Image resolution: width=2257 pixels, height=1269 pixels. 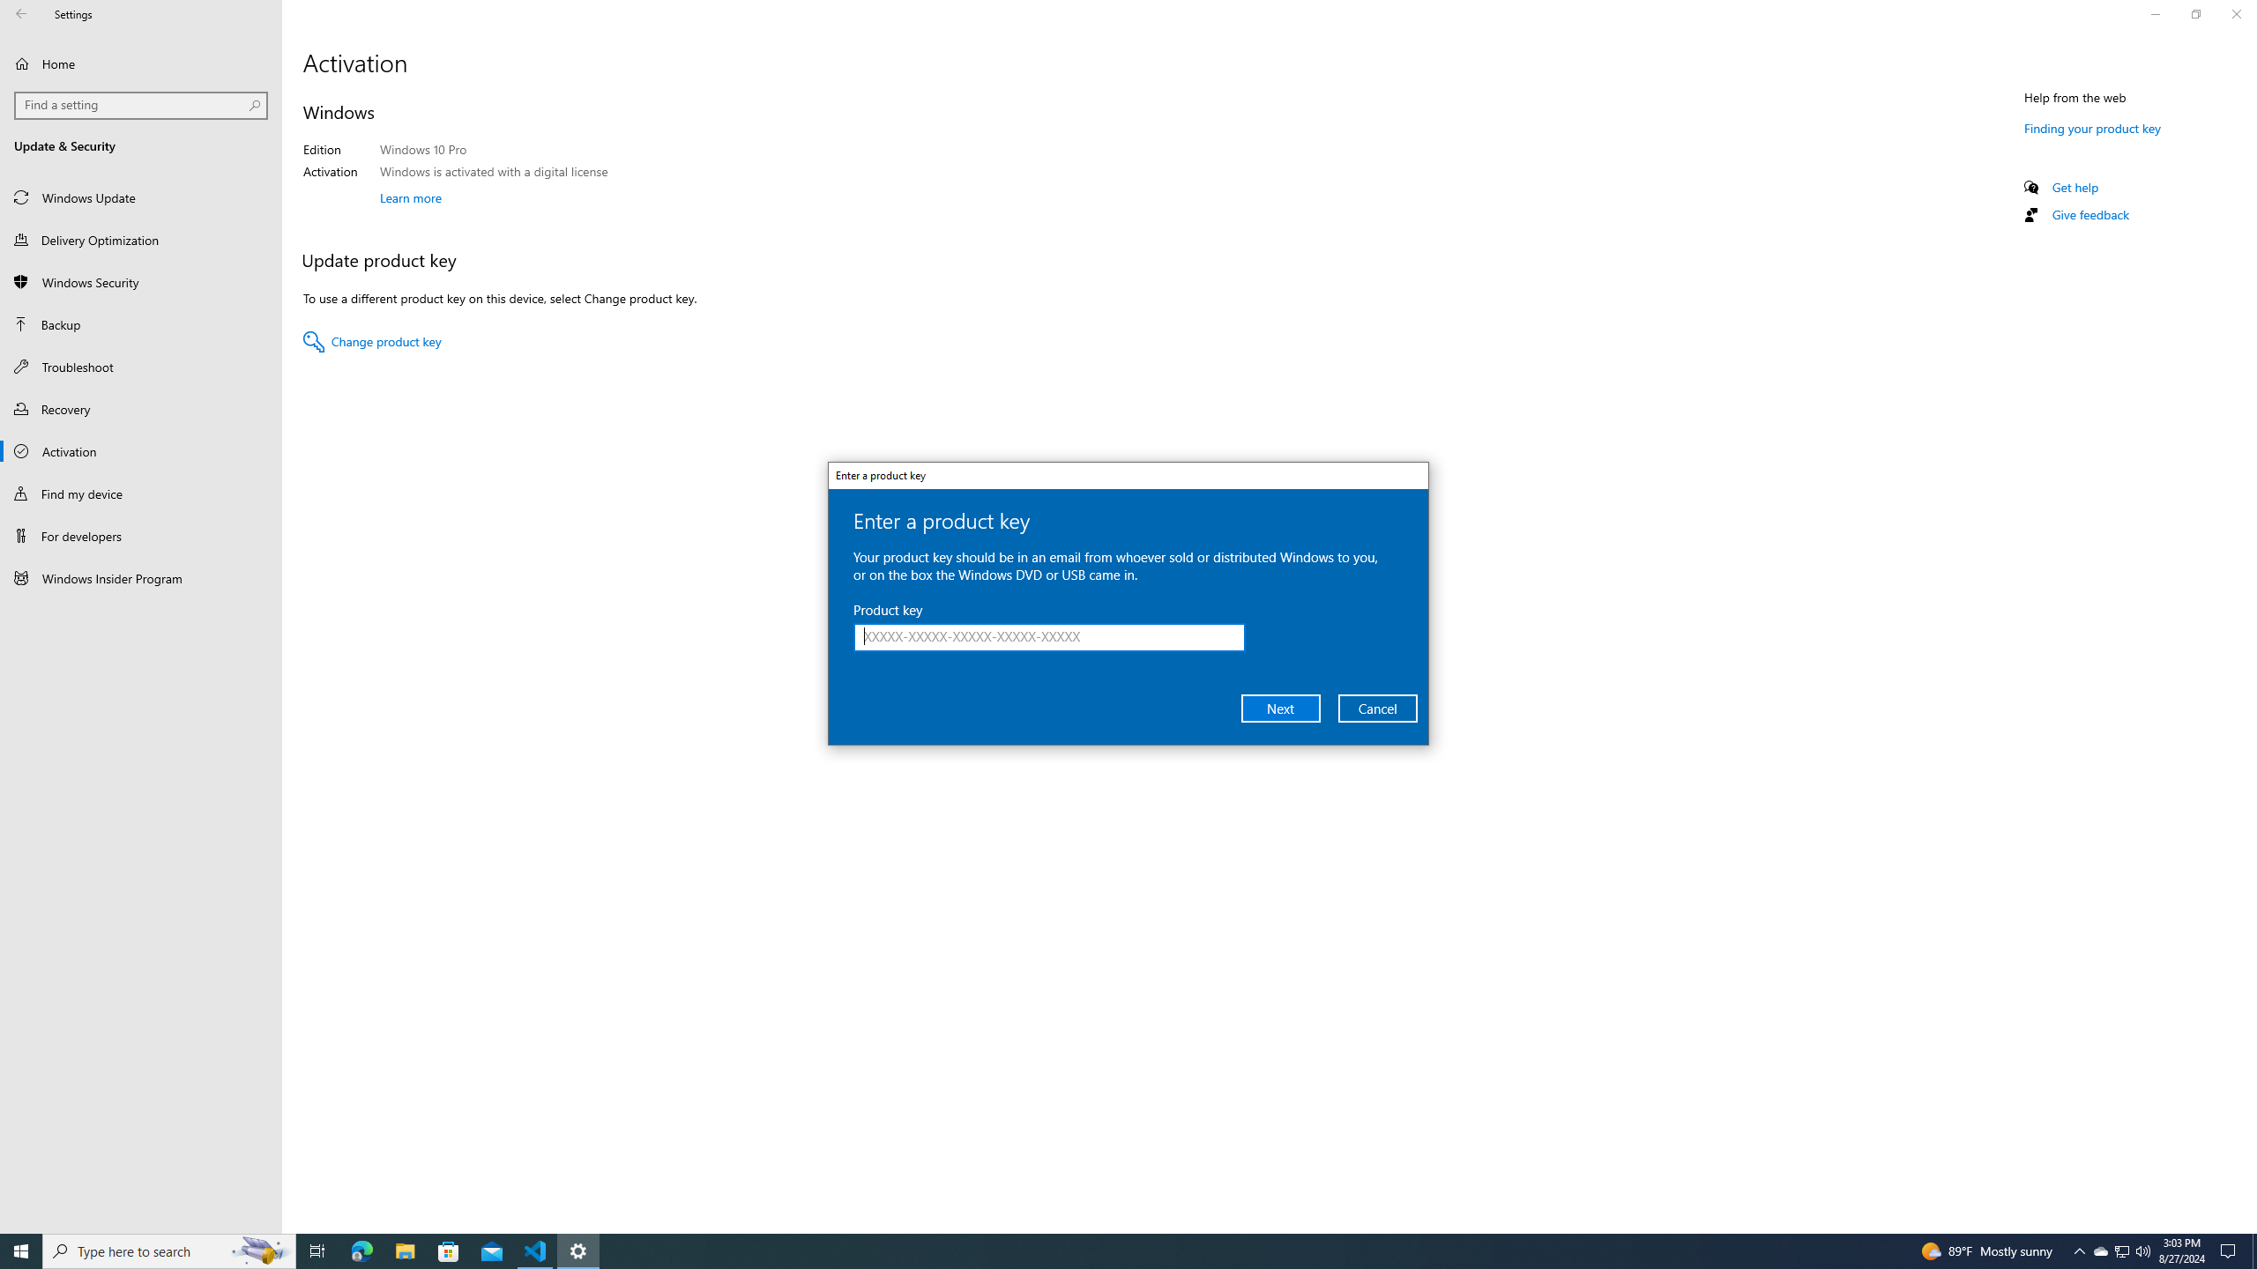 I want to click on 'Next', so click(x=1279, y=709).